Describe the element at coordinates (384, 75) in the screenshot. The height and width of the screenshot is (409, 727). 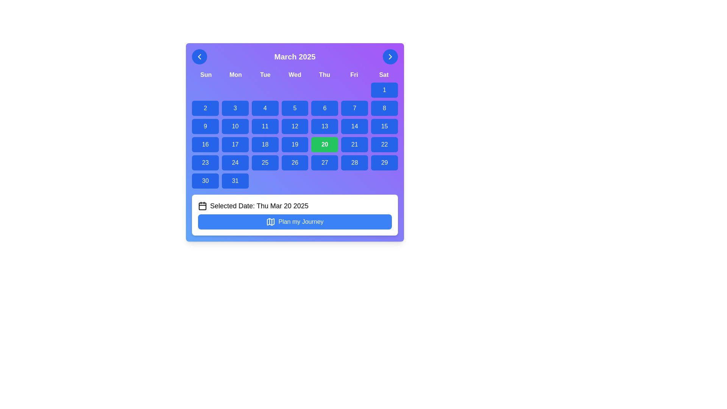
I see `the 'Sat' column text label in the calendar view` at that location.